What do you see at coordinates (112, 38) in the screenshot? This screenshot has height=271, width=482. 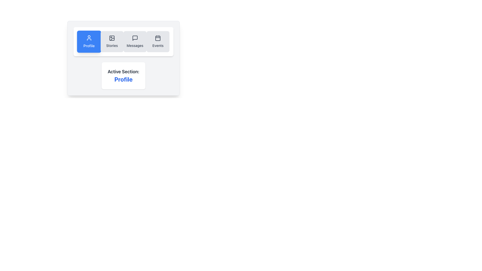 I see `the decorative rectangular background element within the SVG graphic of the navigation bar, which serves as a background for other components` at bounding box center [112, 38].